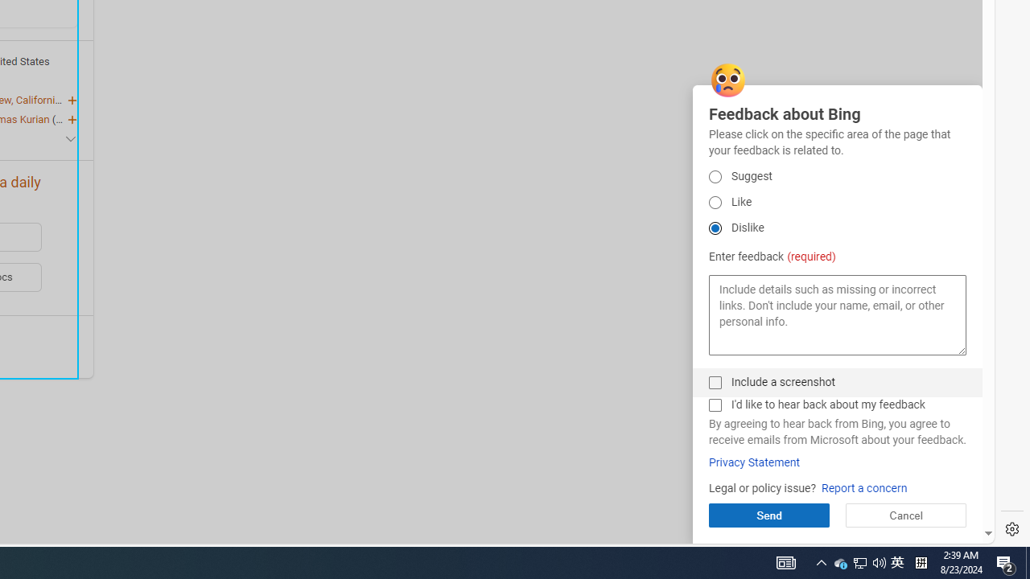 The height and width of the screenshot is (579, 1030). What do you see at coordinates (714, 176) in the screenshot?
I see `'Suggest'` at bounding box center [714, 176].